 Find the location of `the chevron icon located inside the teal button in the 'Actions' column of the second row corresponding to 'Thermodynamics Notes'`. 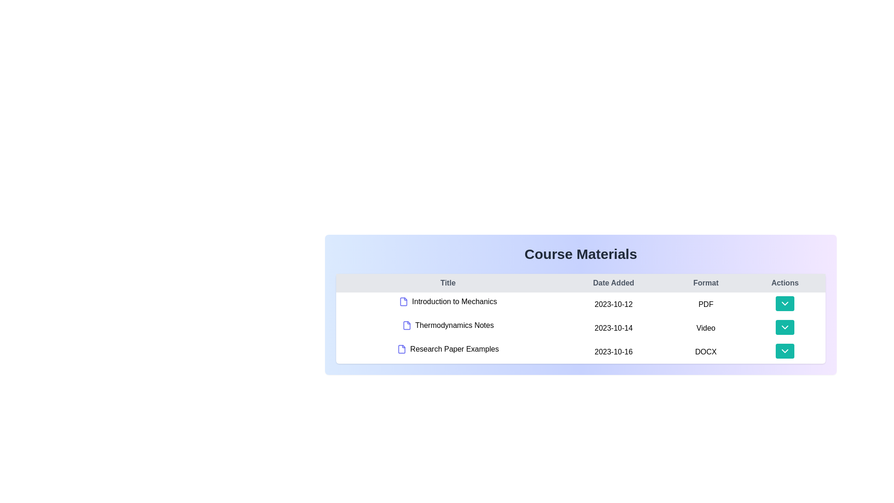

the chevron icon located inside the teal button in the 'Actions' column of the second row corresponding to 'Thermodynamics Notes' is located at coordinates (784, 326).